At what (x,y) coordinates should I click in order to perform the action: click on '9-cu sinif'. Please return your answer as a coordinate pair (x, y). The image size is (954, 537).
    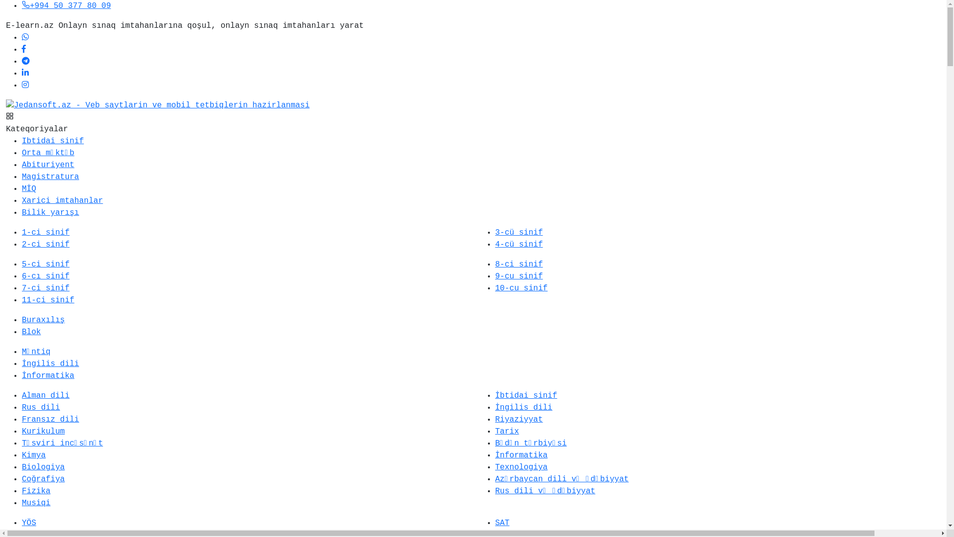
    Looking at the image, I should click on (518, 276).